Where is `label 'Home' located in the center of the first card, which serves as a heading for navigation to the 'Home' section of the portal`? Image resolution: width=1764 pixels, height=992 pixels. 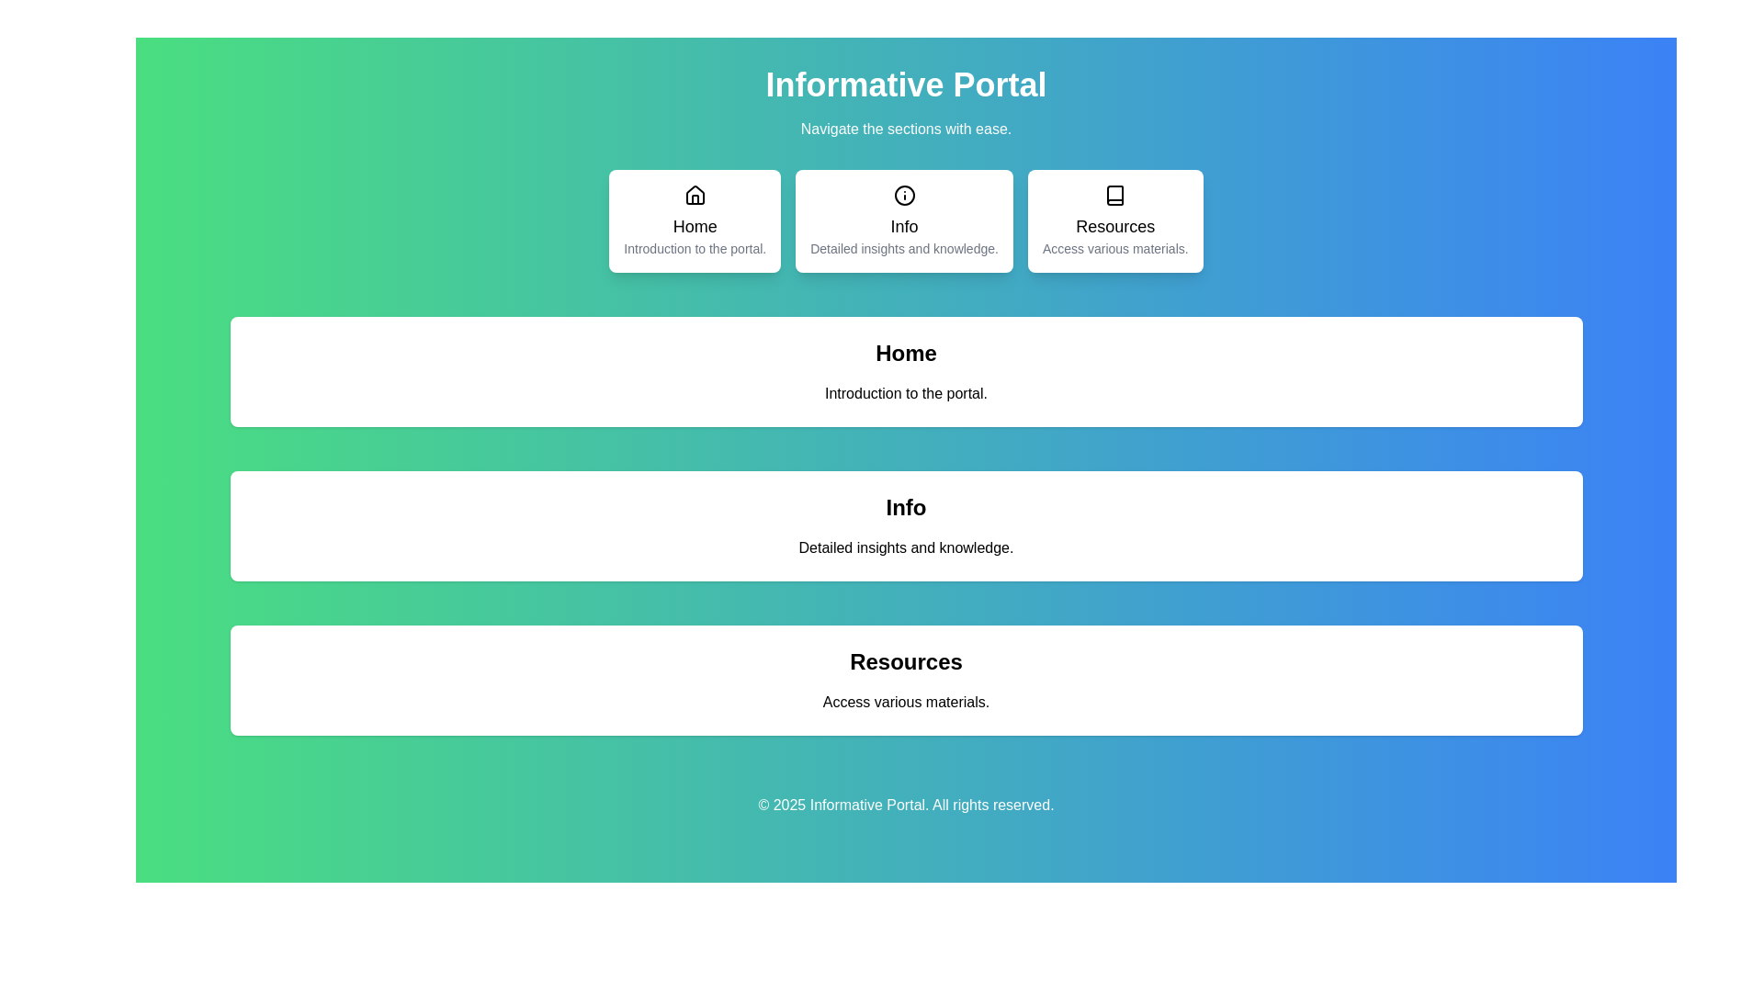
label 'Home' located in the center of the first card, which serves as a heading for navigation to the 'Home' section of the portal is located at coordinates (694, 225).